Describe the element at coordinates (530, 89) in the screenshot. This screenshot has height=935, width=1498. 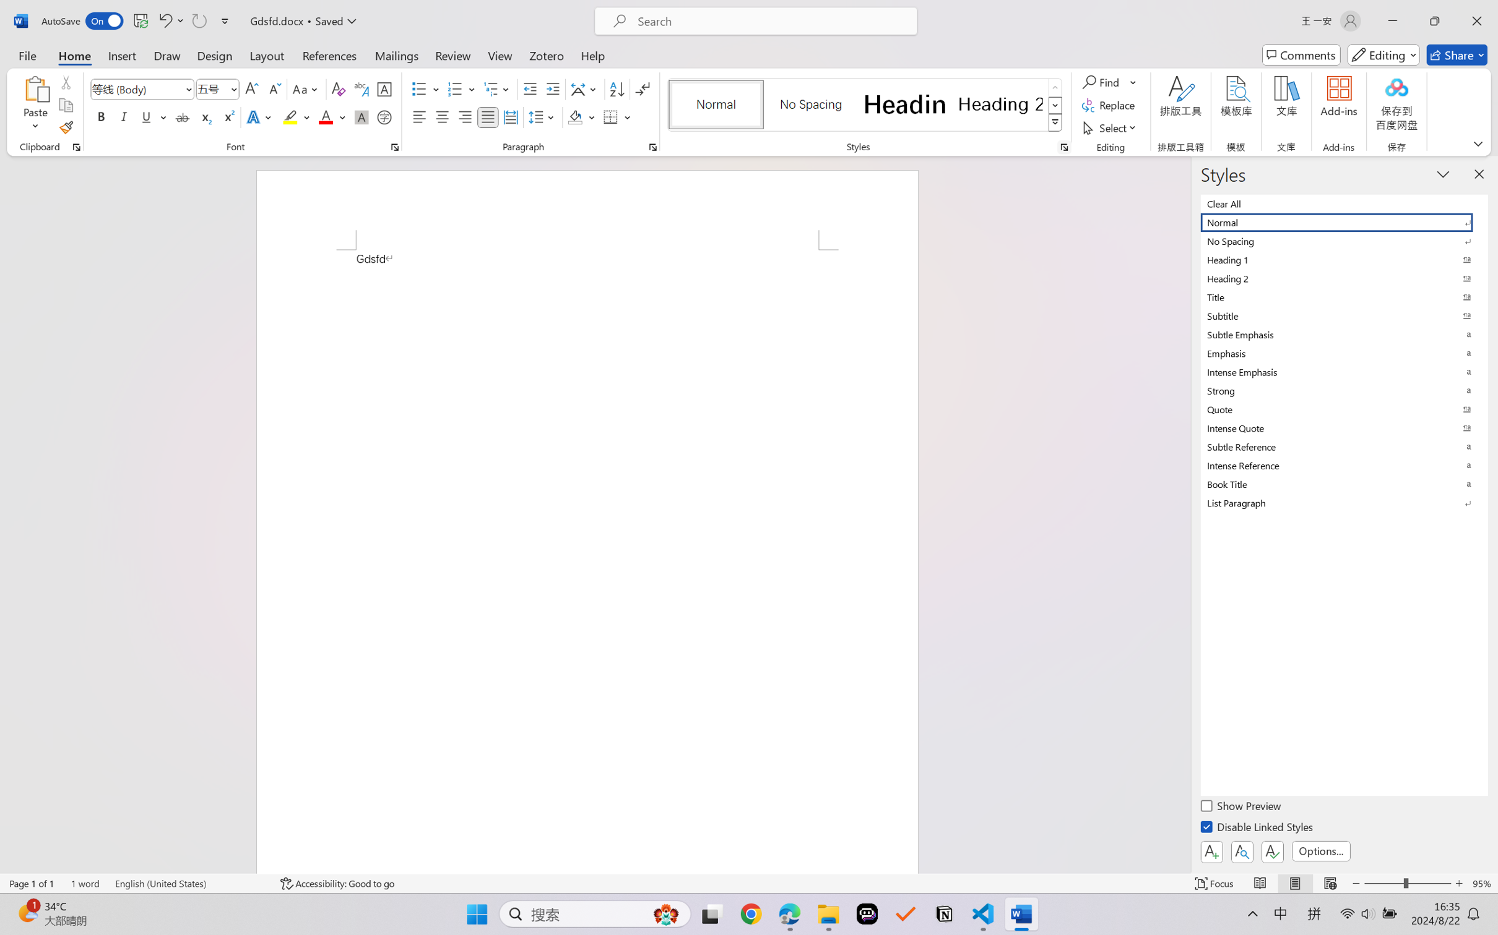
I see `'Decrease Indent'` at that location.